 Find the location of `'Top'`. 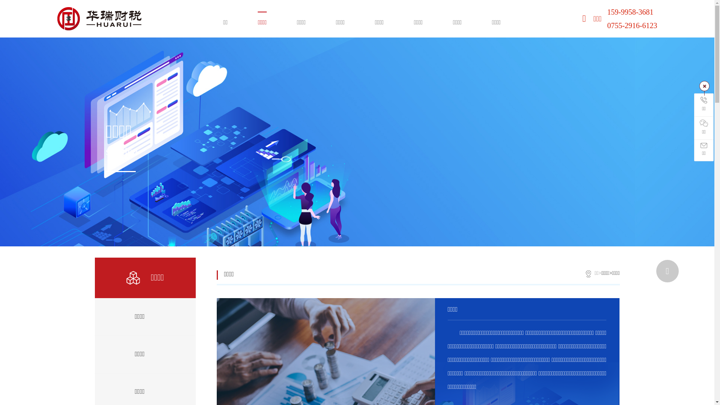

'Top' is located at coordinates (667, 271).